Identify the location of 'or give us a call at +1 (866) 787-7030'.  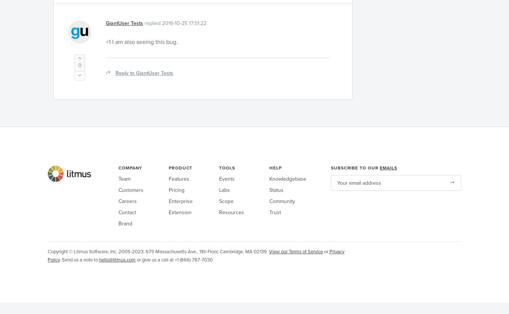
(174, 260).